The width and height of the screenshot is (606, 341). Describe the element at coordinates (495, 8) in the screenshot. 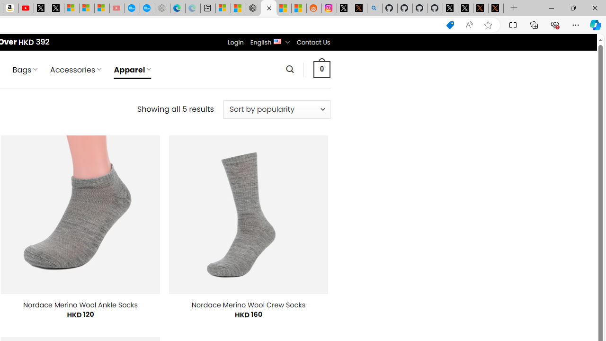

I see `'X Privacy Policy'` at that location.